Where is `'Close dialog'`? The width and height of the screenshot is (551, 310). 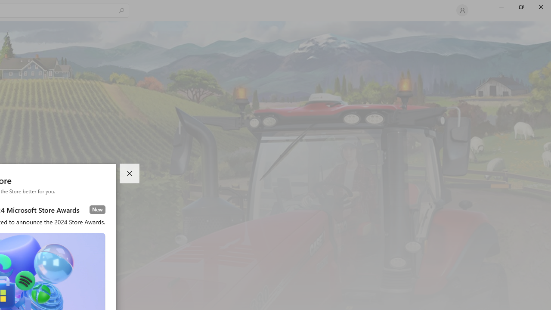
'Close dialog' is located at coordinates (129, 174).